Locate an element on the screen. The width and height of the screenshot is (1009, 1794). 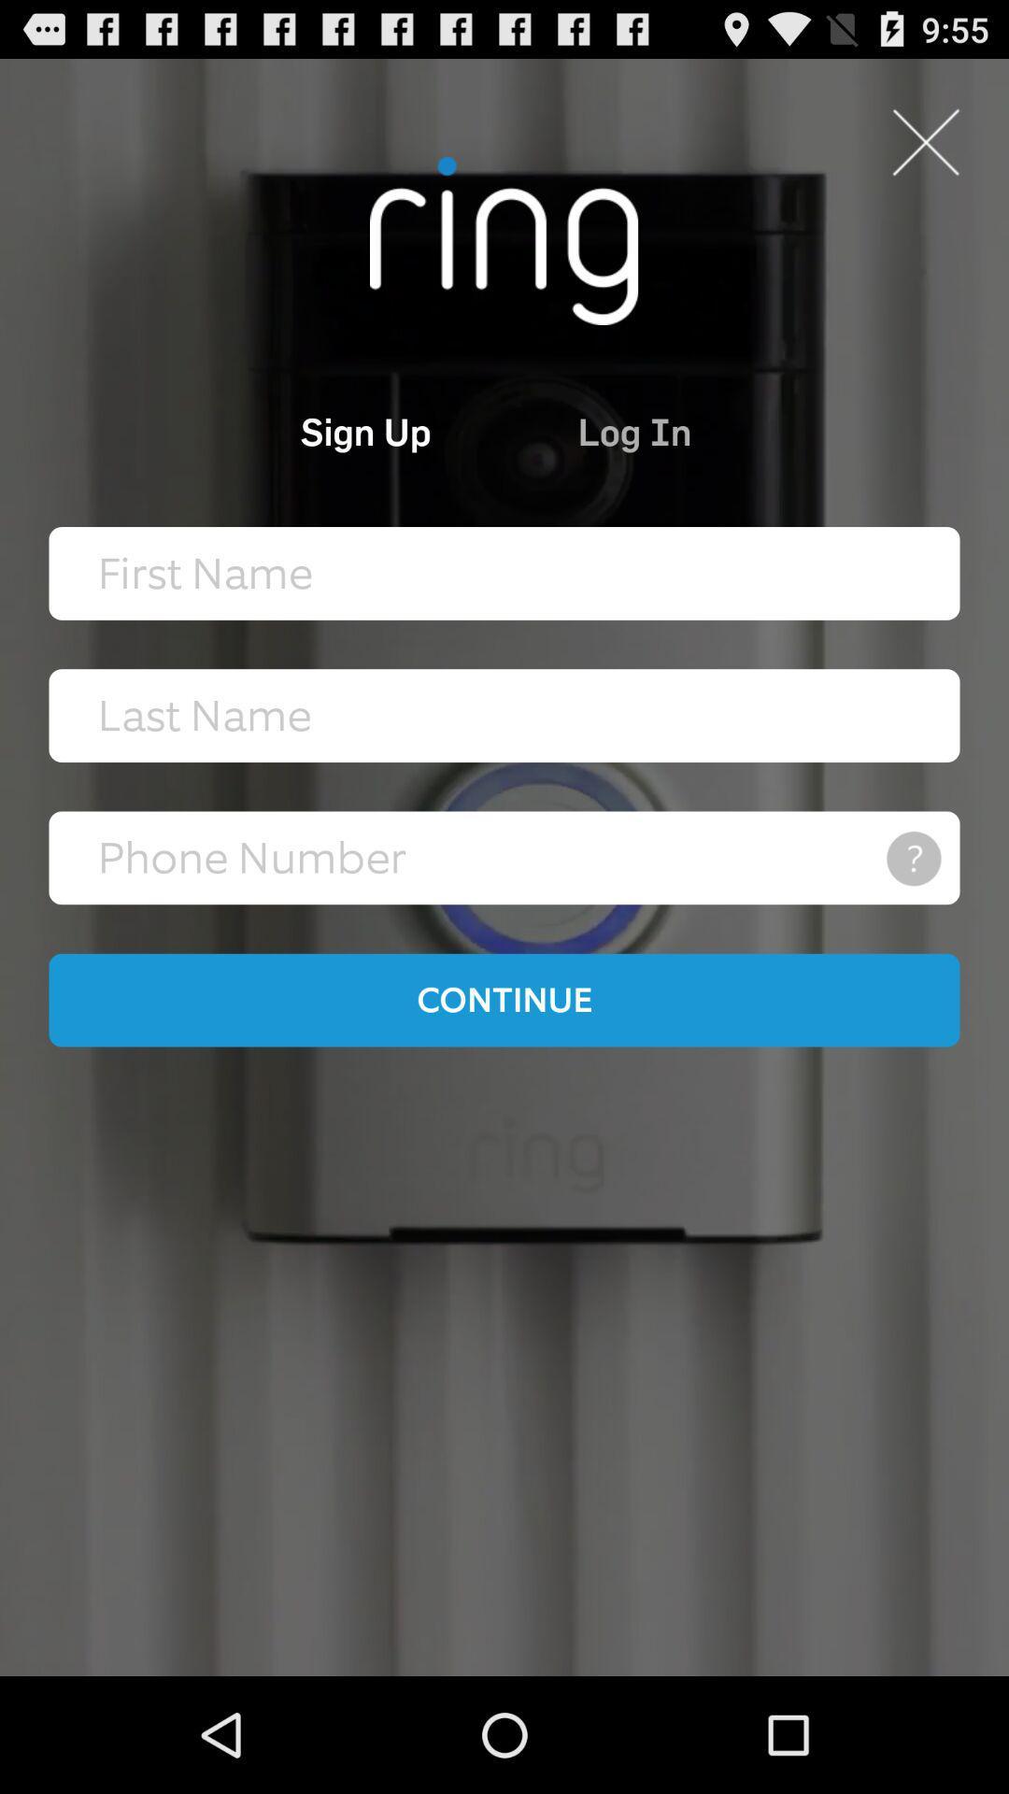
the item to the left of log in icon is located at coordinates (289, 430).